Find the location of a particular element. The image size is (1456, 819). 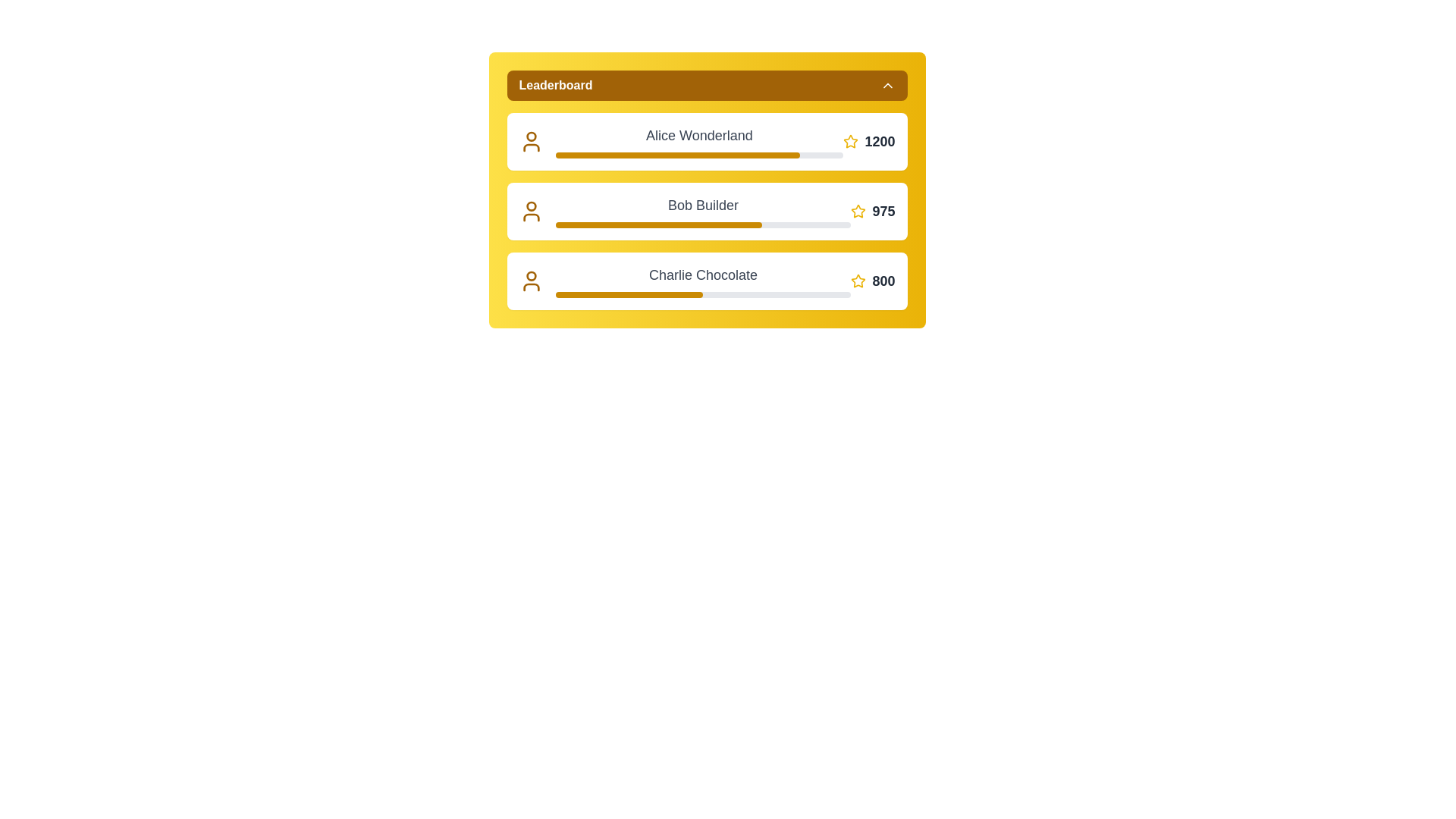

the SVG Circle Graphic representing the user profile icon next to 'Alice Wonderland' in the leaderboard UI is located at coordinates (531, 136).